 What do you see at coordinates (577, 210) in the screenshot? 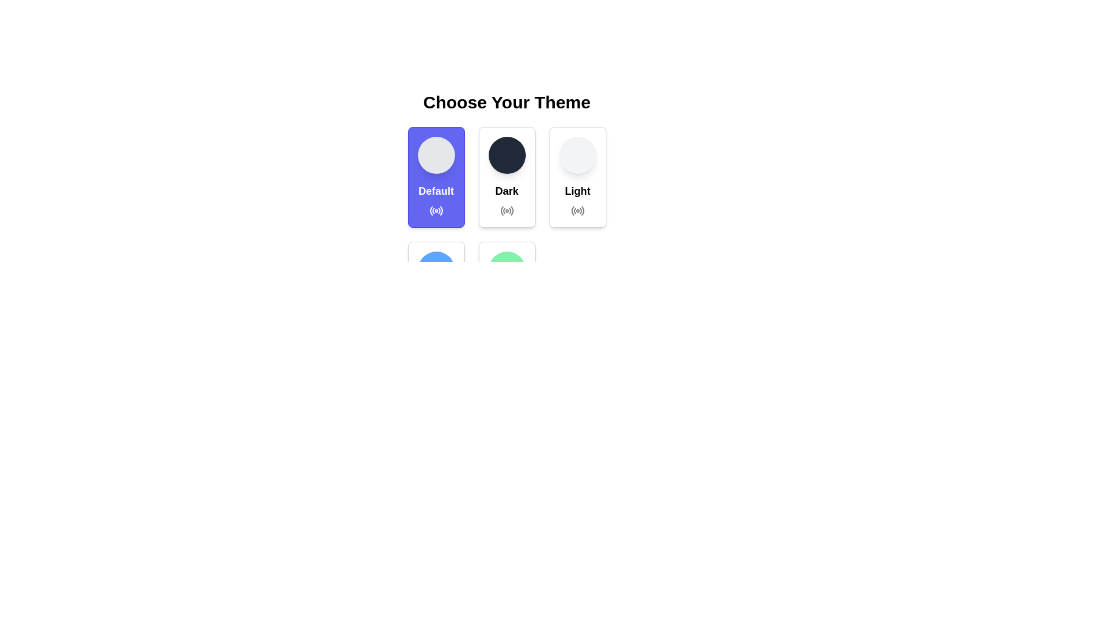
I see `the third option in the row of theme selectors labeled 'Light', which functions as a marker for selecting the 'Light' theme` at bounding box center [577, 210].